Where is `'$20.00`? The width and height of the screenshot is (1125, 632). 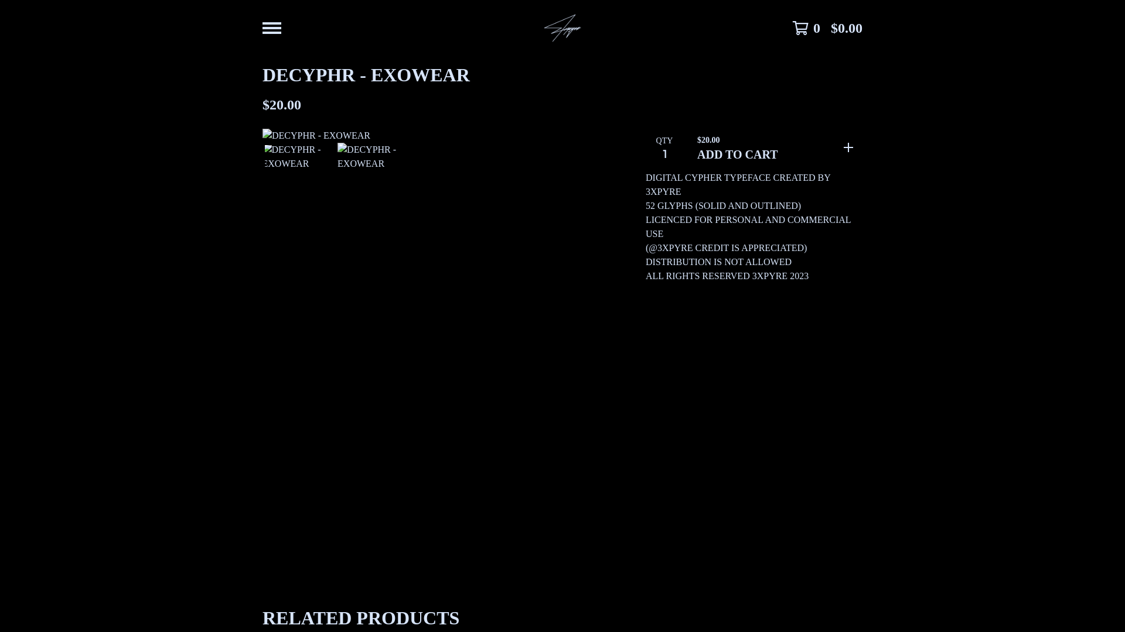 '$20.00 is located at coordinates (775, 146).